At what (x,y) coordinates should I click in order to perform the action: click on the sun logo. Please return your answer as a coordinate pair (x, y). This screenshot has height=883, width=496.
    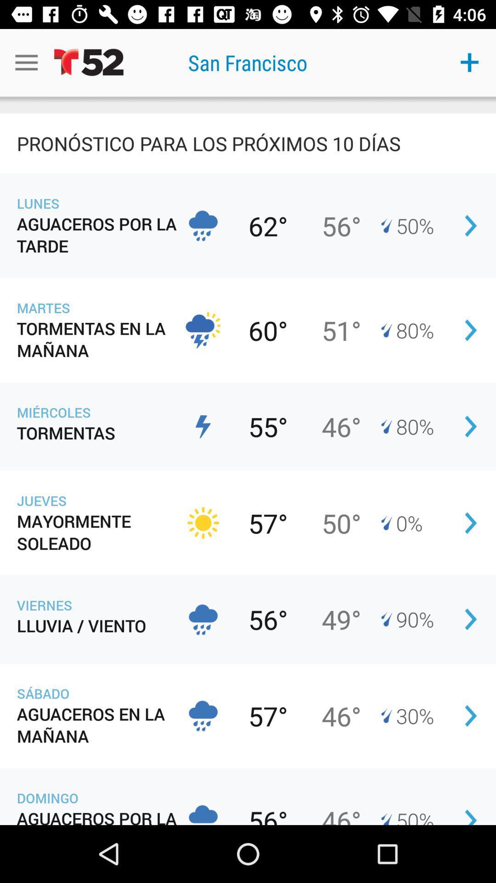
    Looking at the image, I should click on (203, 523).